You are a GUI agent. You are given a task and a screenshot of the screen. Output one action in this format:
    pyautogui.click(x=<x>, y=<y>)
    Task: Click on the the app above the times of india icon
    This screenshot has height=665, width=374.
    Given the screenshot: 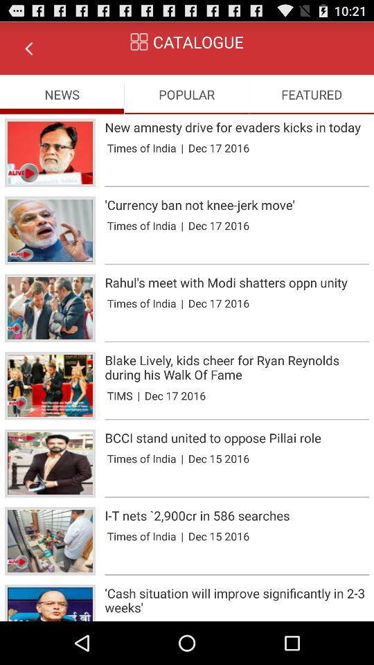 What is the action you would take?
    pyautogui.click(x=236, y=204)
    